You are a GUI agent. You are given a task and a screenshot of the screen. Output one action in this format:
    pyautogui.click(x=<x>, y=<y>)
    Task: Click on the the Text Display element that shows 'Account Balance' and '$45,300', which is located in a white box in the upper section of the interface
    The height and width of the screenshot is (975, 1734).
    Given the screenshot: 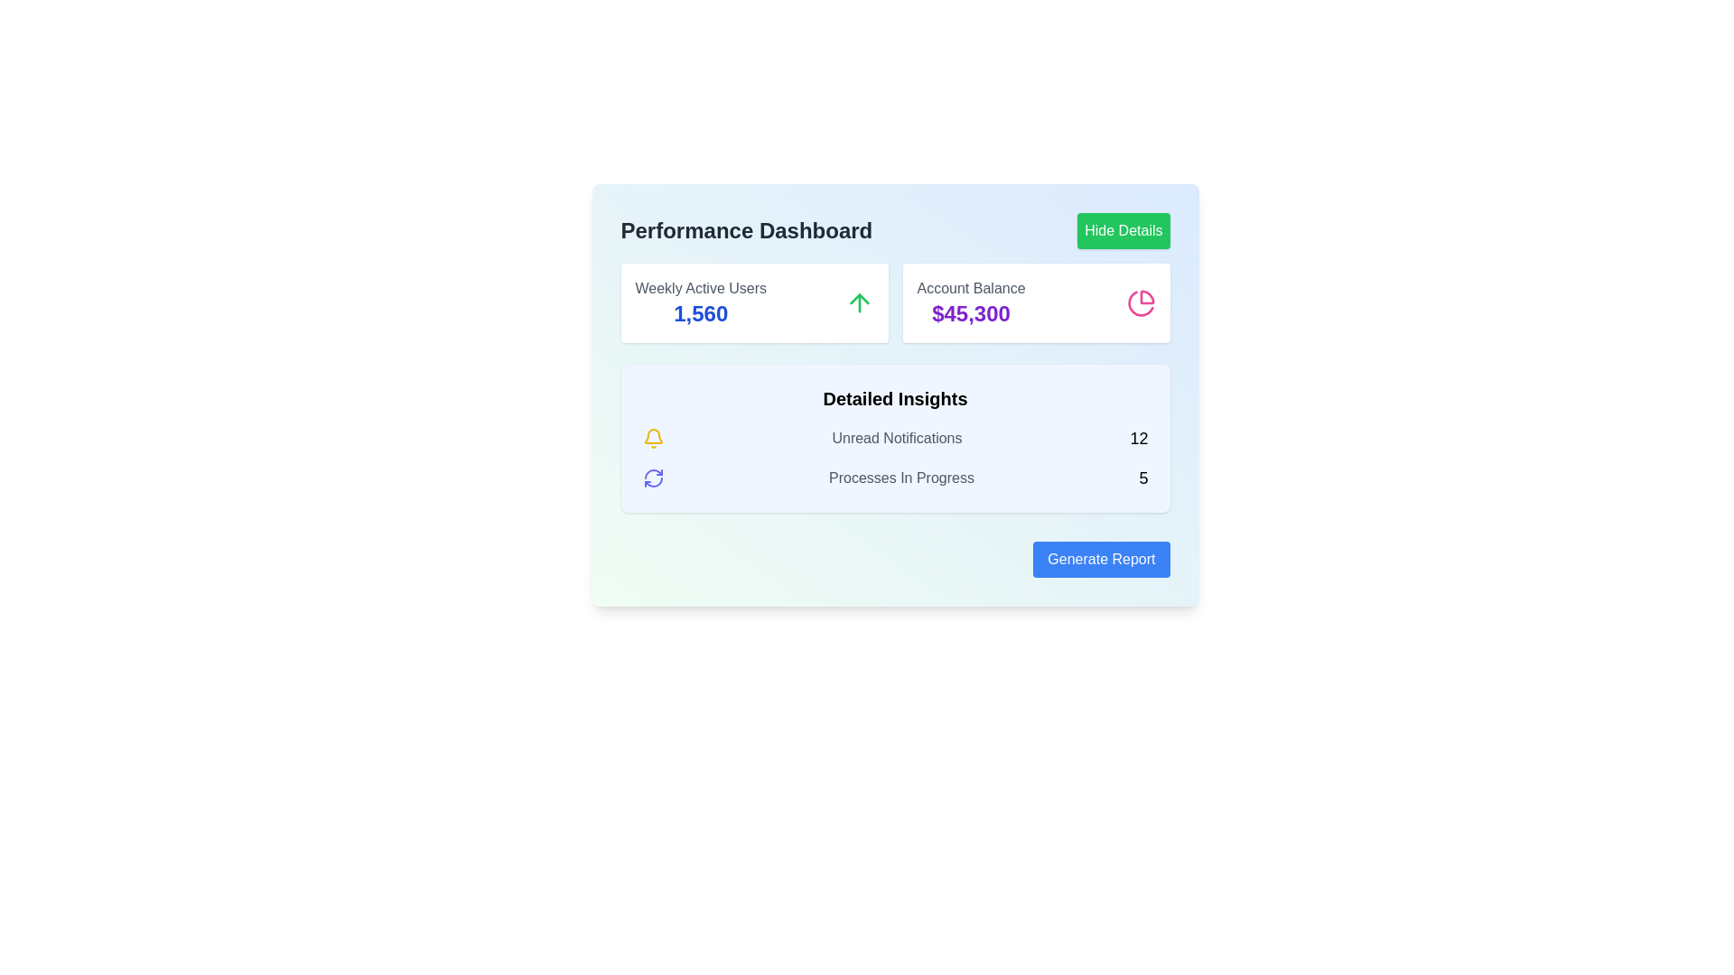 What is the action you would take?
    pyautogui.click(x=970, y=302)
    